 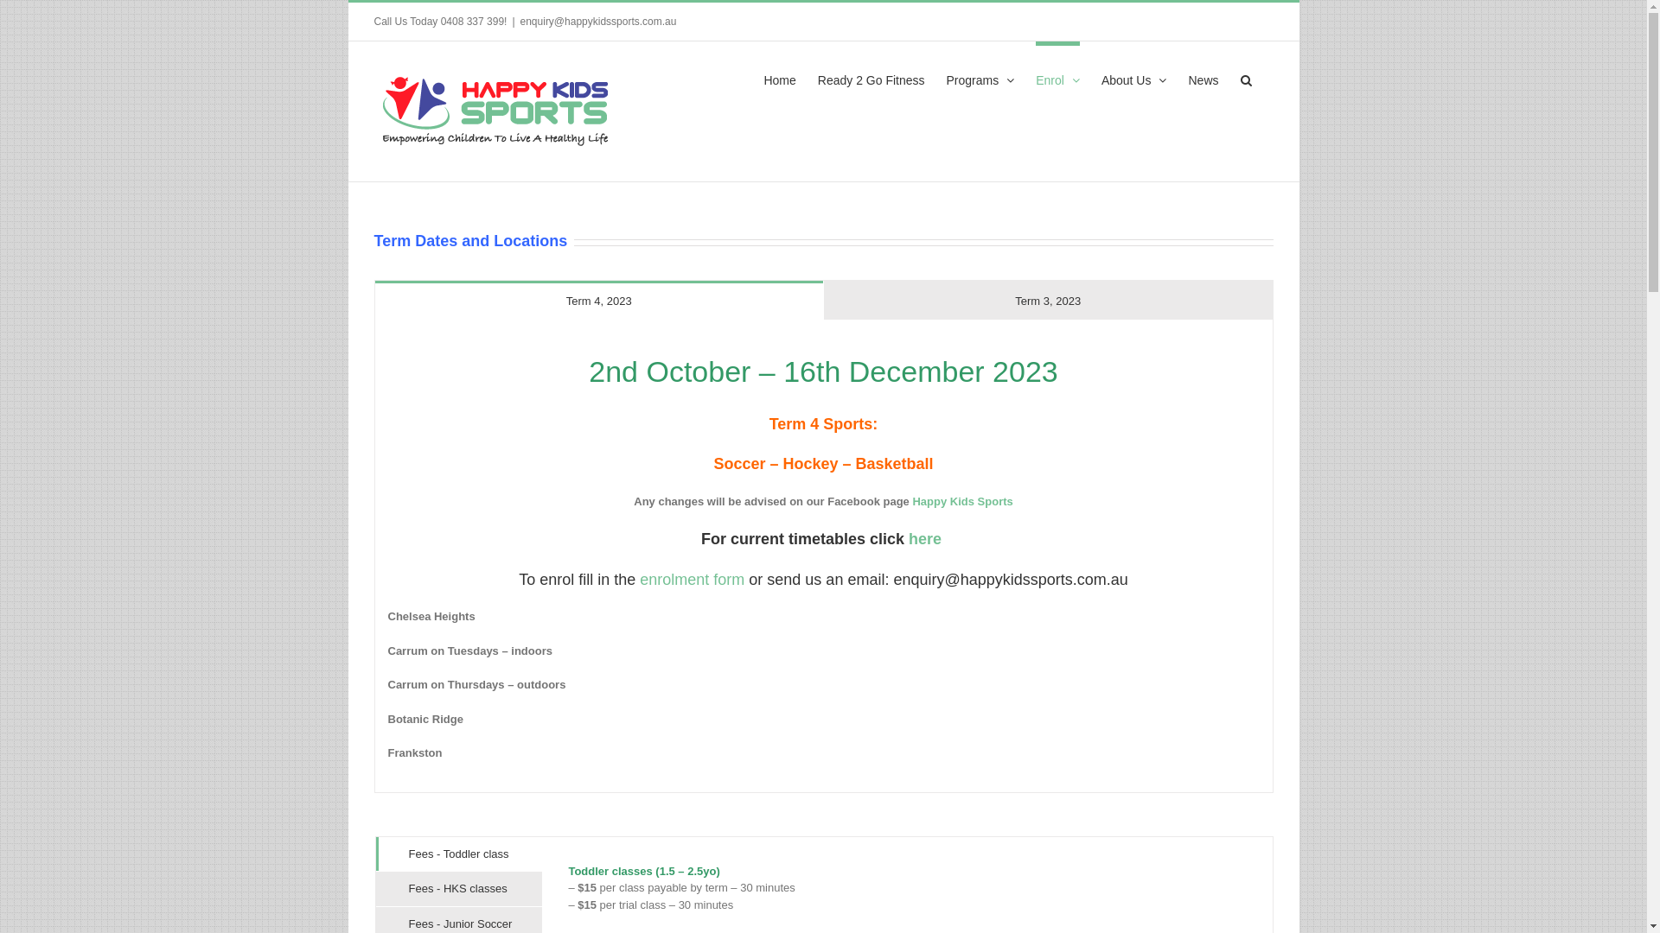 What do you see at coordinates (1133, 76) in the screenshot?
I see `'About Us'` at bounding box center [1133, 76].